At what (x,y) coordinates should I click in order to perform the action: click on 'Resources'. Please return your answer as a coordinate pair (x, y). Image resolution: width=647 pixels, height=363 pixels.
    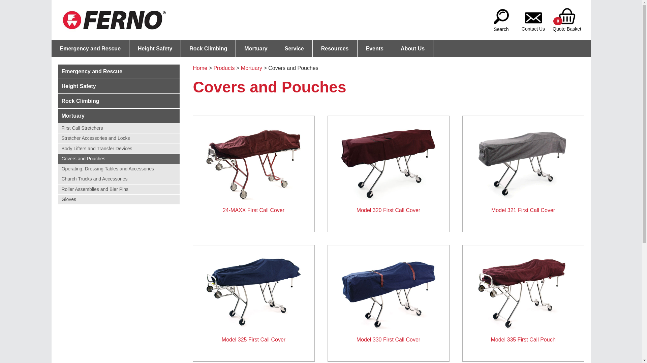
    Looking at the image, I should click on (312, 48).